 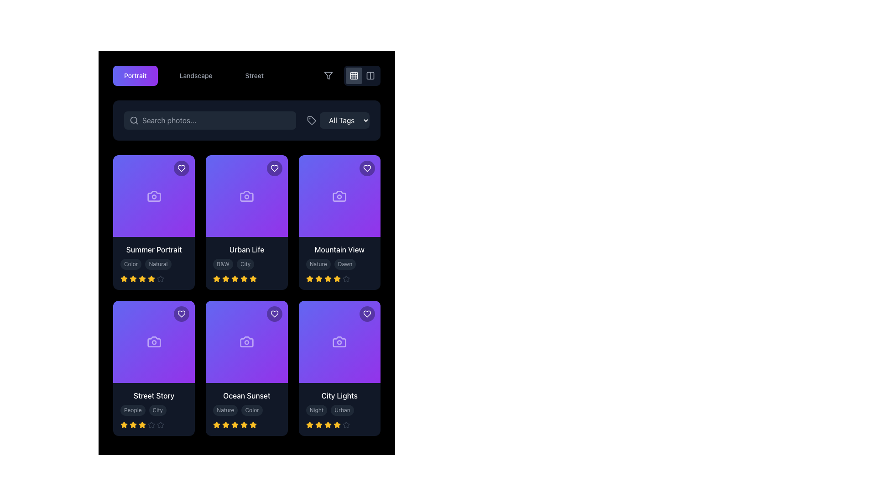 What do you see at coordinates (154, 409) in the screenshot?
I see `the 'City' tag component, which is a clickable label styled with a small rounded rectangular shape in dark gray color, located to the right of the 'People' tag under the 'Street Story' card` at bounding box center [154, 409].